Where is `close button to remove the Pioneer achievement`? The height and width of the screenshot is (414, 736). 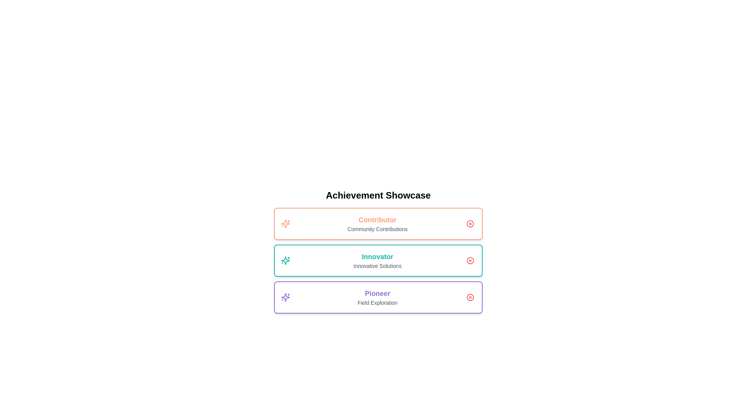
close button to remove the Pioneer achievement is located at coordinates (470, 297).